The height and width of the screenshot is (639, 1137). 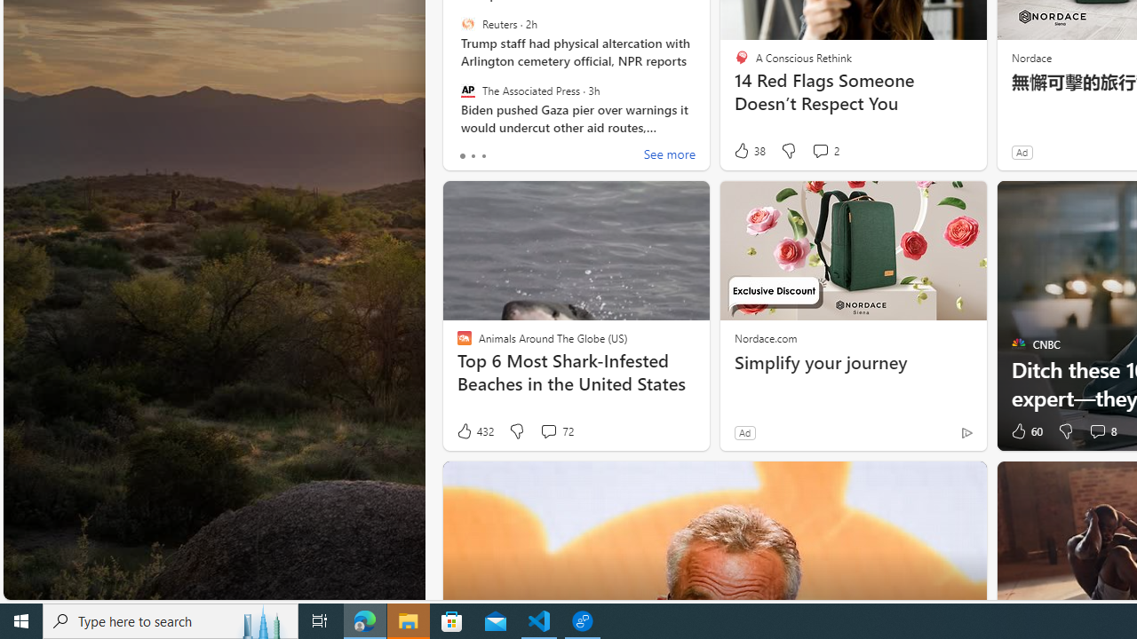 What do you see at coordinates (462, 155) in the screenshot?
I see `'tab-0'` at bounding box center [462, 155].